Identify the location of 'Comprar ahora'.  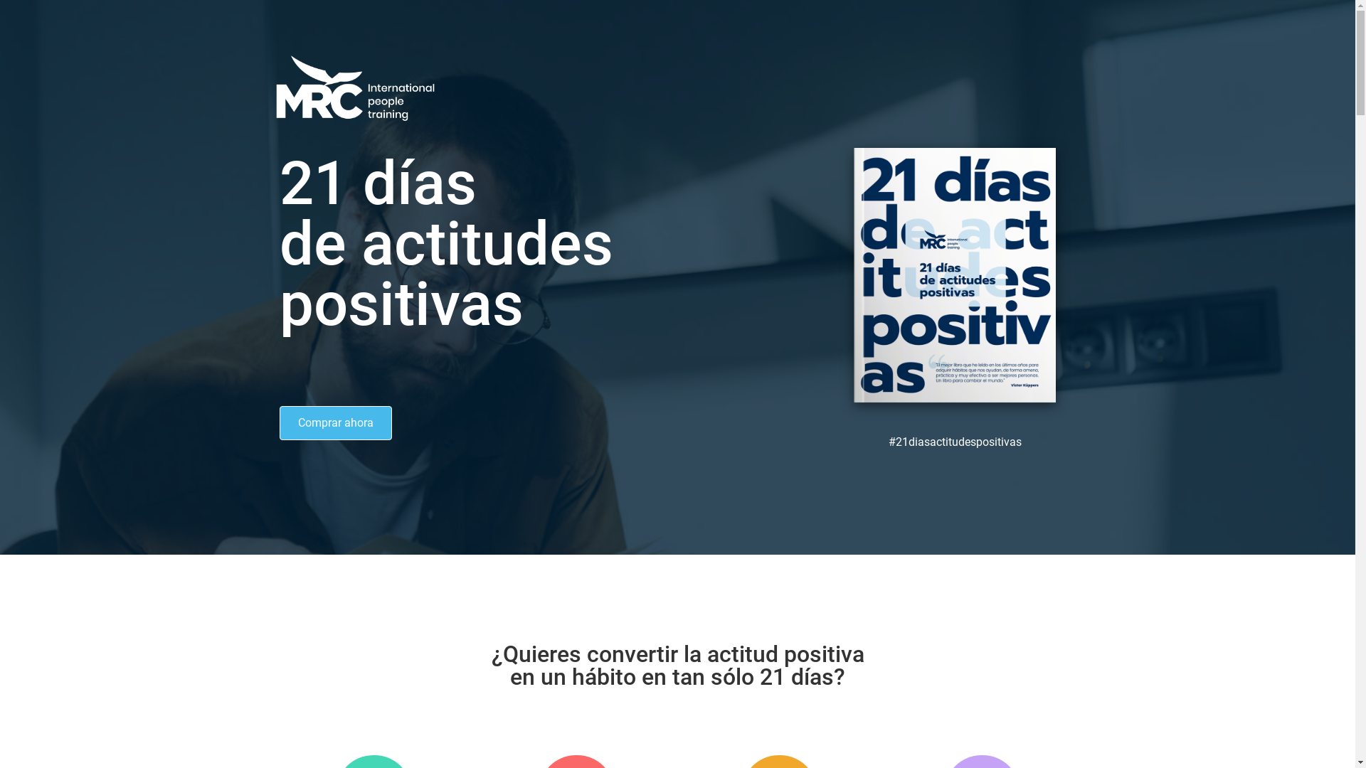
(334, 422).